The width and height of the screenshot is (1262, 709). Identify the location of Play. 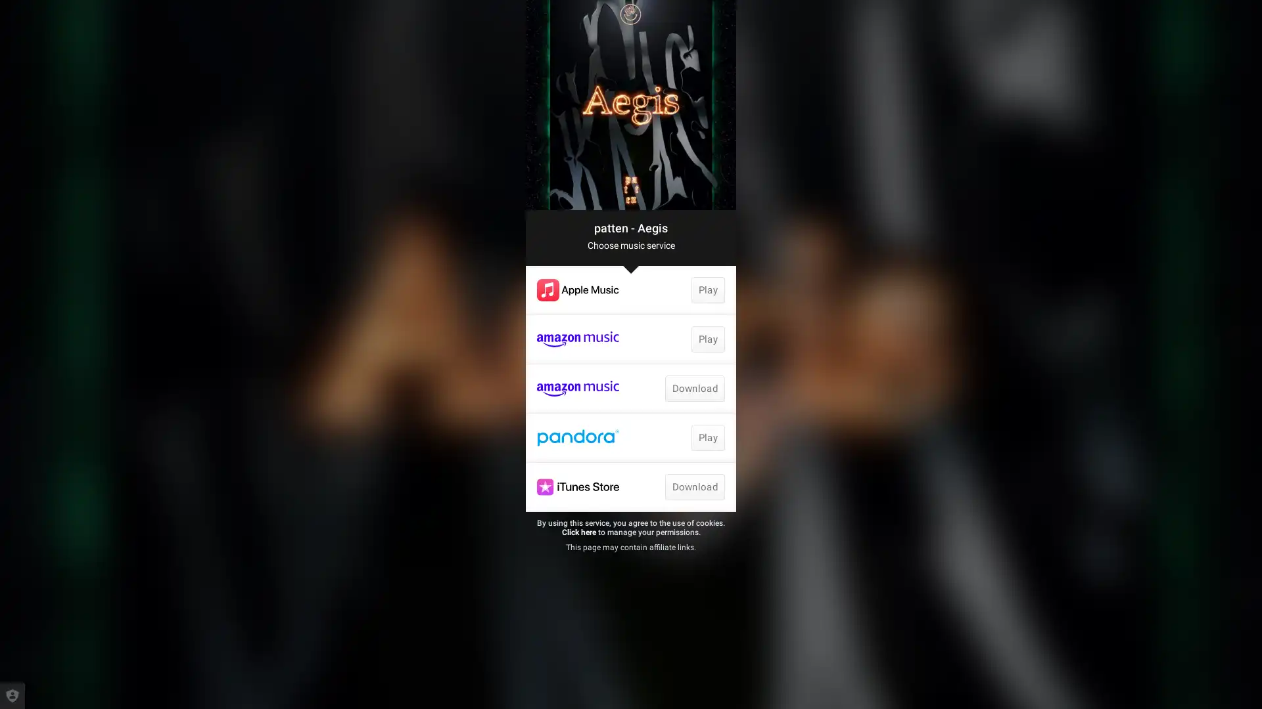
(707, 438).